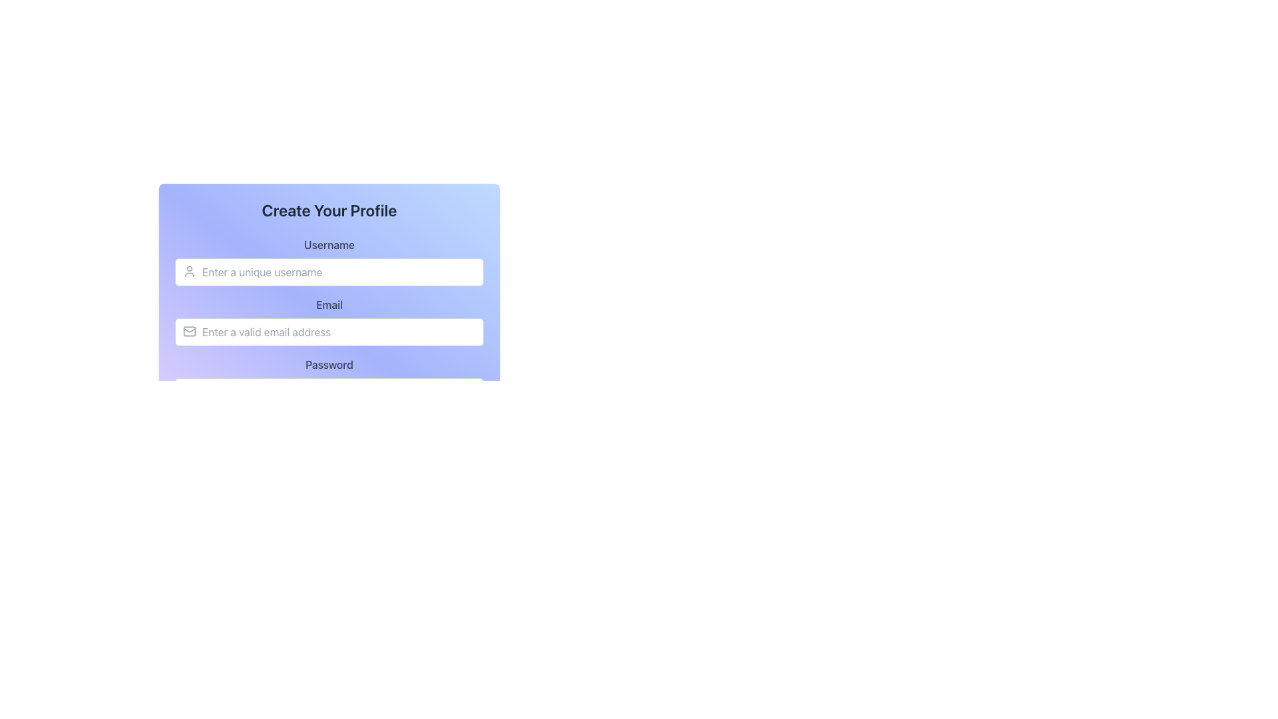 This screenshot has width=1278, height=719. I want to click on the 'Email' text label, which is styled in gray and positioned above the email input field in a profile creation form, so click(329, 305).